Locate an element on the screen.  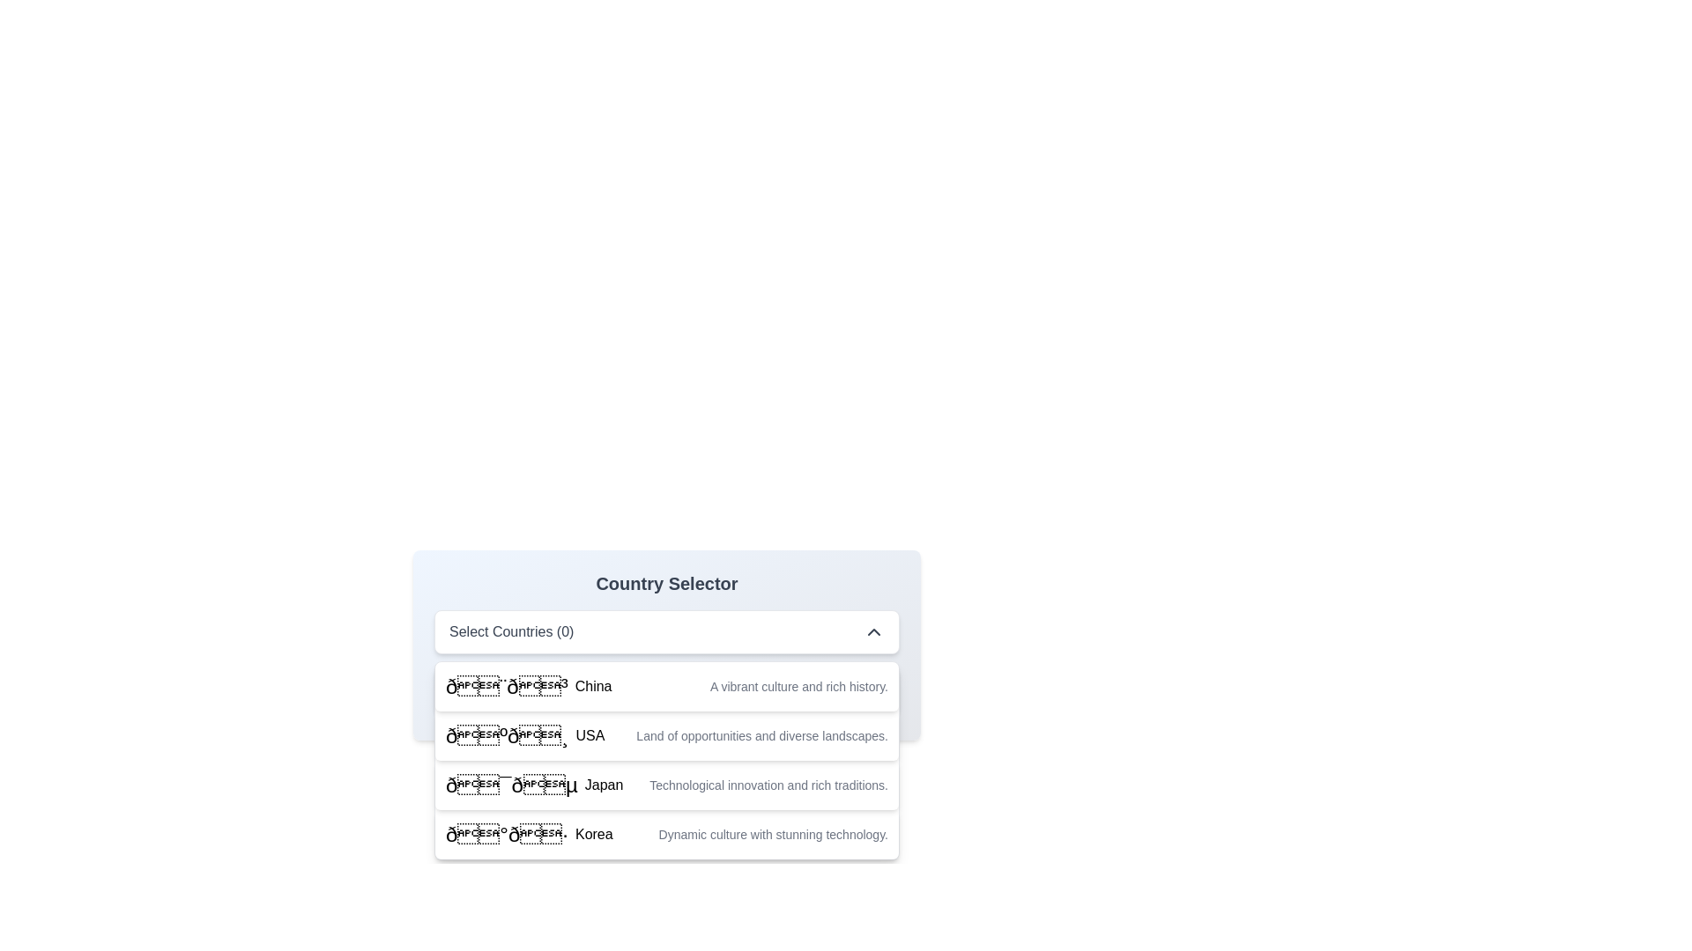
the list item representing the country USA in the dropdown menu, which is located between the options for China and Japan is located at coordinates (524, 736).